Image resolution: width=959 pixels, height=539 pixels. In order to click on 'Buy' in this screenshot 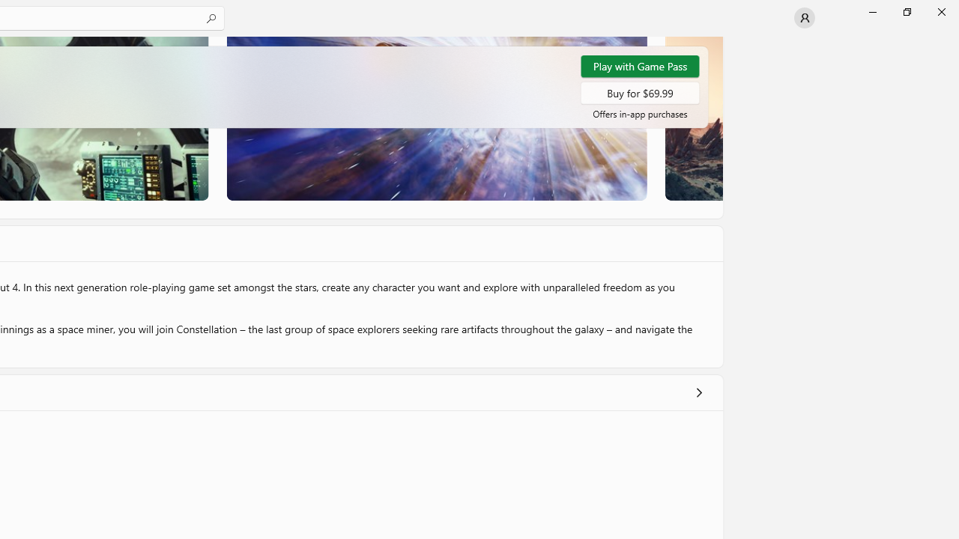, I will do `click(640, 92)`.